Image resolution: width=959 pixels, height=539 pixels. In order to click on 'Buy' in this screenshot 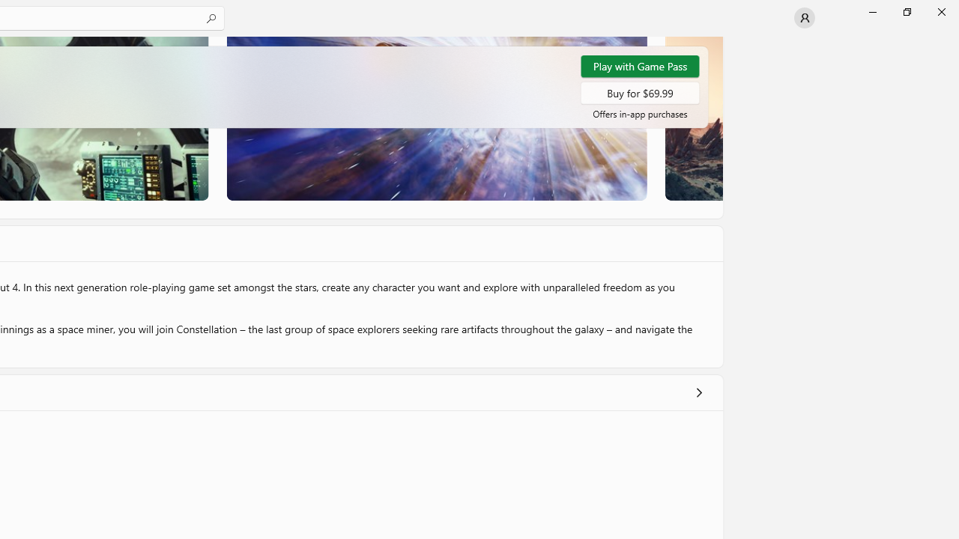, I will do `click(640, 92)`.